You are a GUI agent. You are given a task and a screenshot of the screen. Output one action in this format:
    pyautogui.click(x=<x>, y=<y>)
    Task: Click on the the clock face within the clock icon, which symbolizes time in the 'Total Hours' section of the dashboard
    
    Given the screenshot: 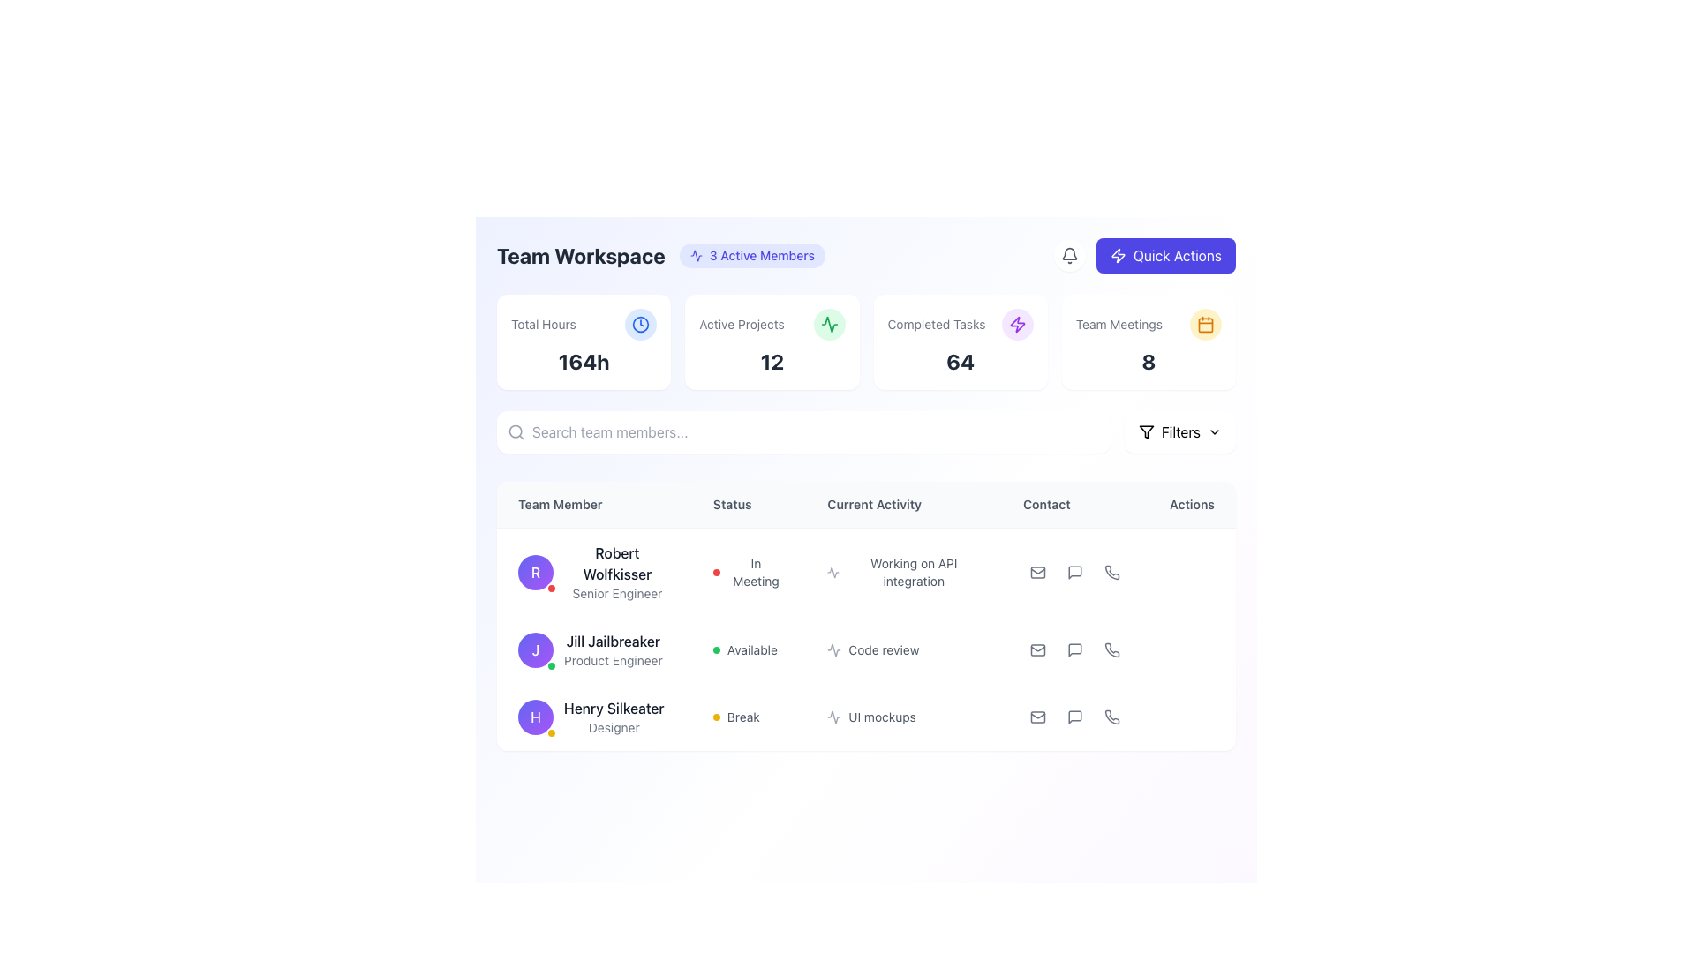 What is the action you would take?
    pyautogui.click(x=640, y=324)
    